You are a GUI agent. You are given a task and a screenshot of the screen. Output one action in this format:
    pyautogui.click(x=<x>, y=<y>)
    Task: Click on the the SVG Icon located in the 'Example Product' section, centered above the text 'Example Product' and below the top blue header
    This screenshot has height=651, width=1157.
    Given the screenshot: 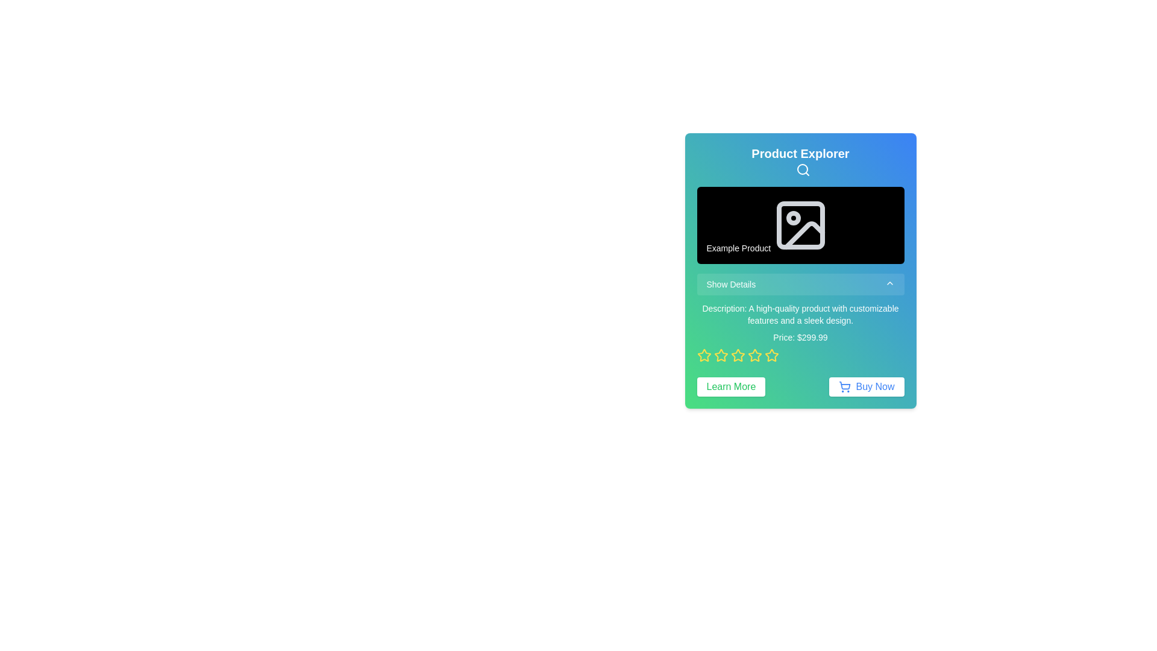 What is the action you would take?
    pyautogui.click(x=800, y=225)
    